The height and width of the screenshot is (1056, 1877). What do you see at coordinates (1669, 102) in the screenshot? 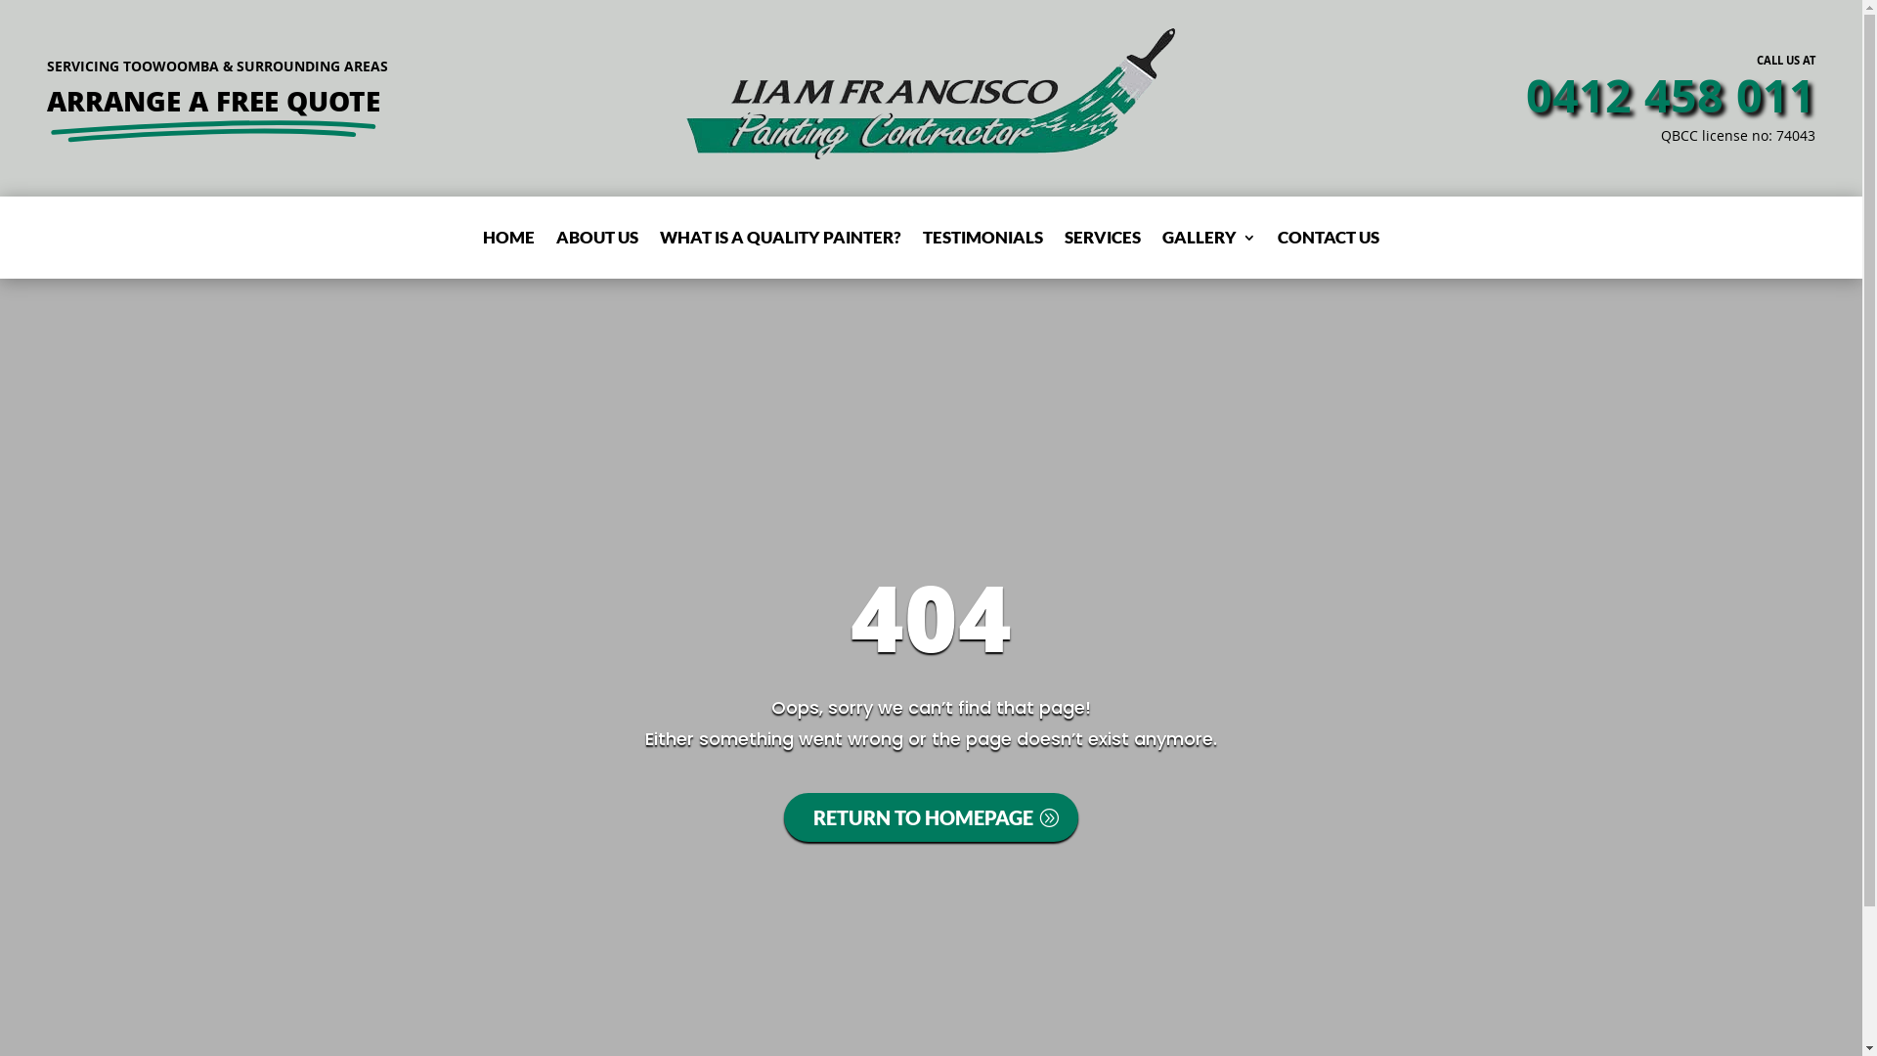
I see `'0412 458 011'` at bounding box center [1669, 102].